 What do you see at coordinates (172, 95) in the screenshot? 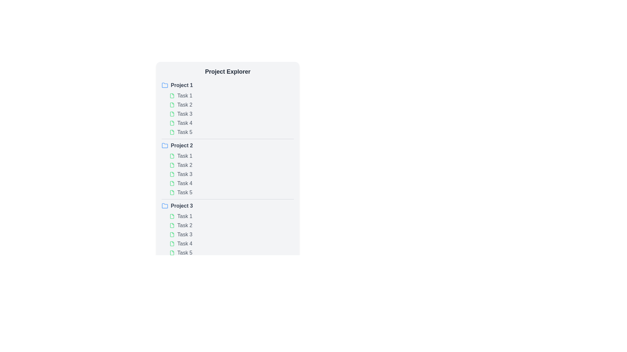
I see `the file icon associated with 'Task 1' in the 'Project Explorer', which is the first icon in the row and is located to the left of the label 'Task 1'` at bounding box center [172, 95].